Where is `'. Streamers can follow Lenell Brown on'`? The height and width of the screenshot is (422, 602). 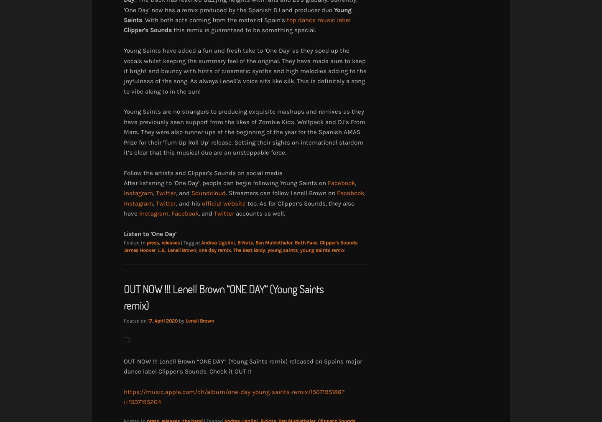 '. Streamers can follow Lenell Brown on' is located at coordinates (281, 193).